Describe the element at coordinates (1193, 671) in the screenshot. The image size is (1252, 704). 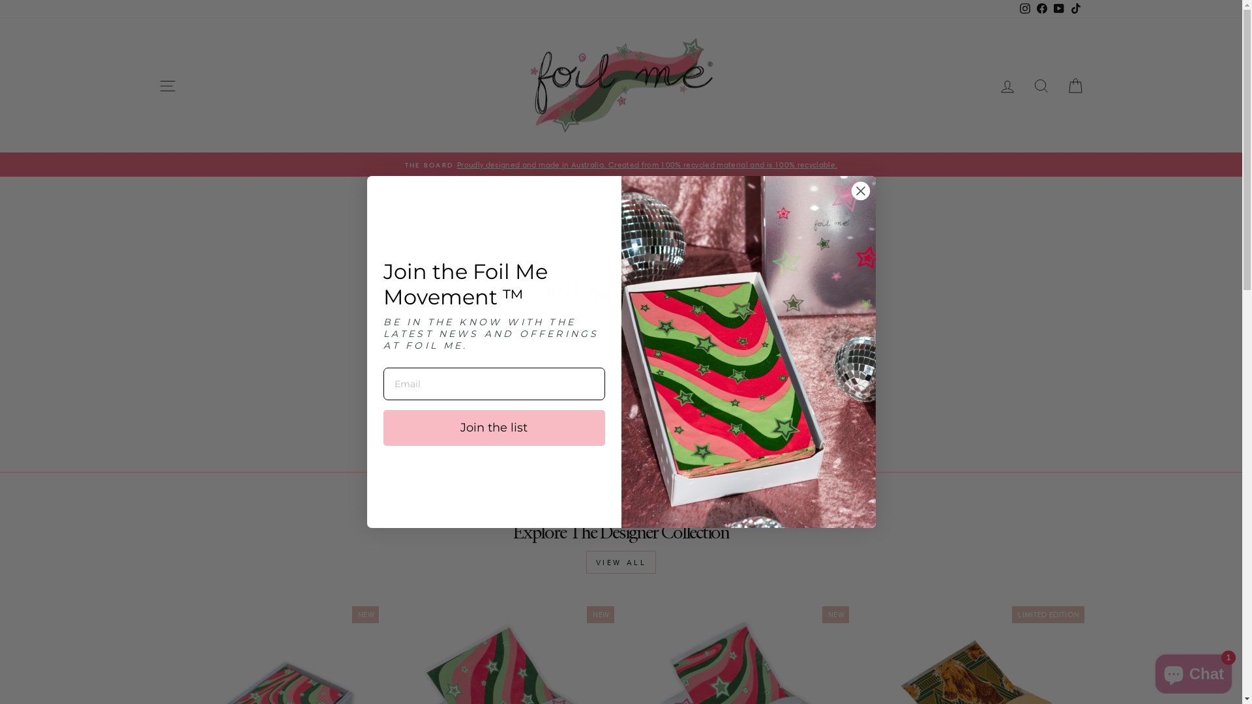
I see `'Shopify online store chat'` at that location.